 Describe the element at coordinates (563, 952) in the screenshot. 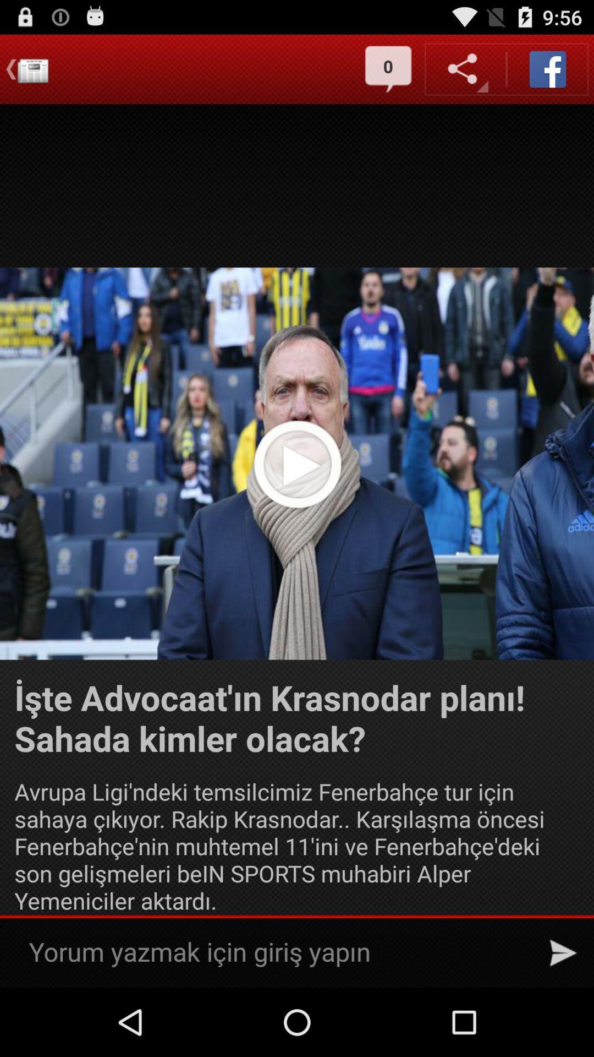

I see `send the message` at that location.